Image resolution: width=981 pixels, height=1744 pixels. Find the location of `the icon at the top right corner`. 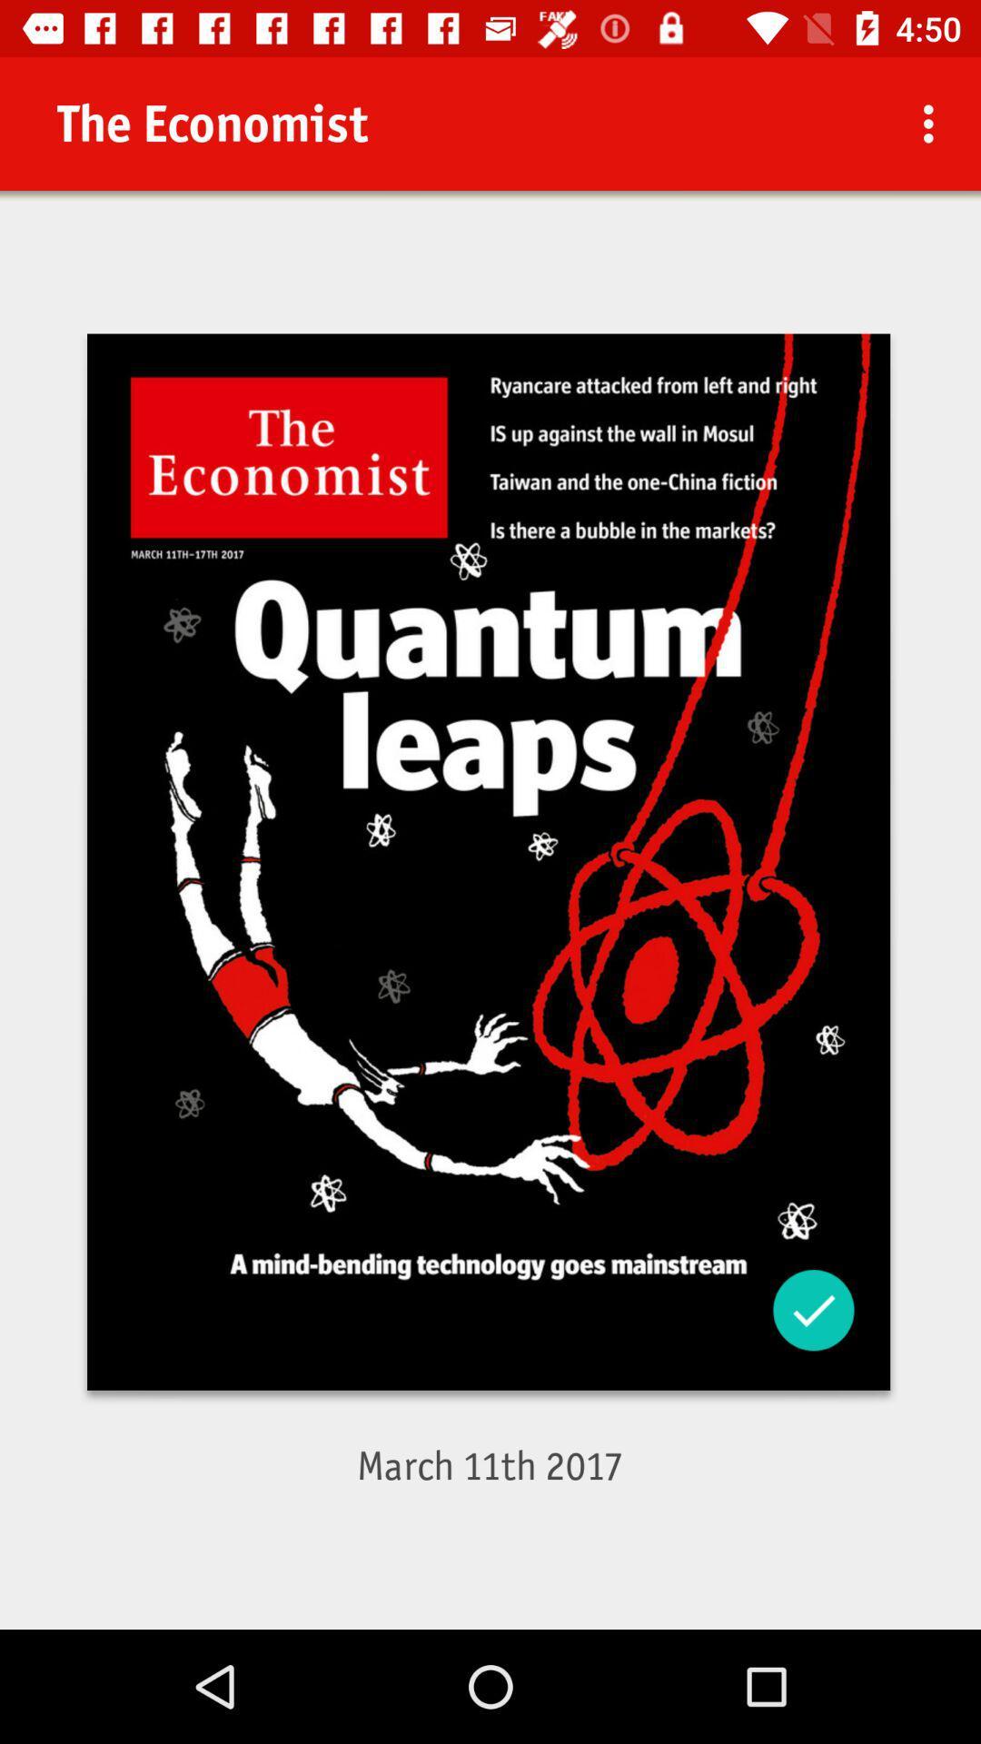

the icon at the top right corner is located at coordinates (933, 123).